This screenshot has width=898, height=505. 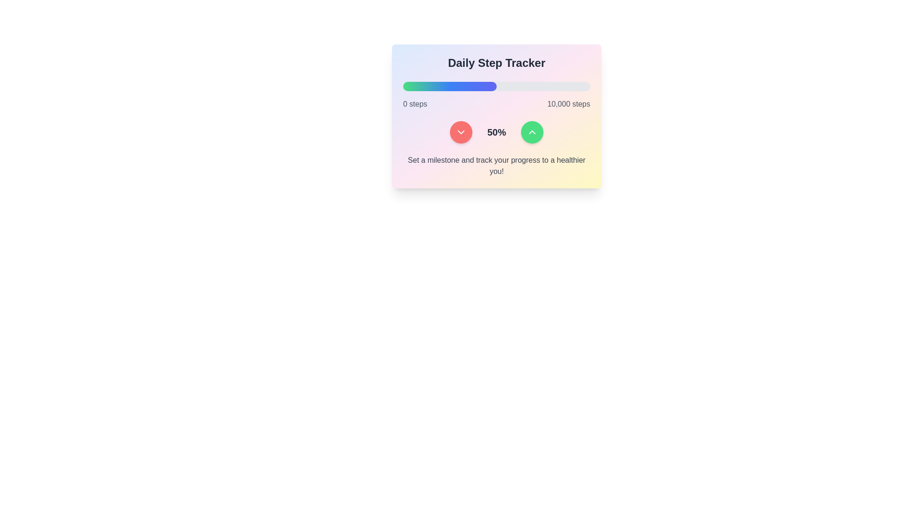 What do you see at coordinates (496, 165) in the screenshot?
I see `the text component displaying the message 'Set a milestone and track your progress to a healthier you!', which is located at the bottom of the 'Daily Step Tracker' card` at bounding box center [496, 165].